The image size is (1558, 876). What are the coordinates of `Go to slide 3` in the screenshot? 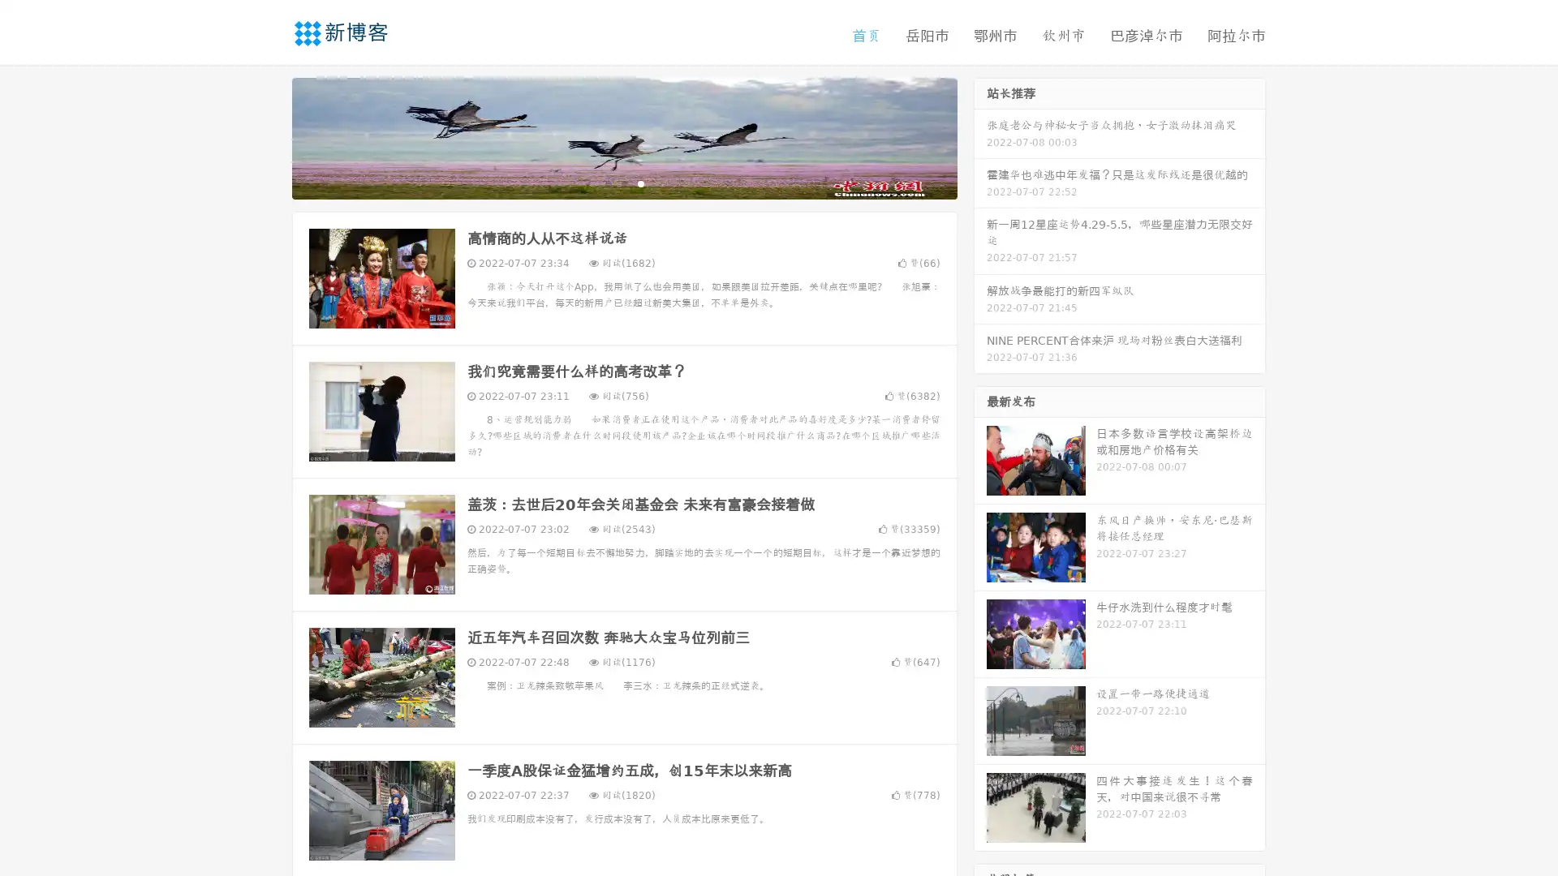 It's located at (640, 182).